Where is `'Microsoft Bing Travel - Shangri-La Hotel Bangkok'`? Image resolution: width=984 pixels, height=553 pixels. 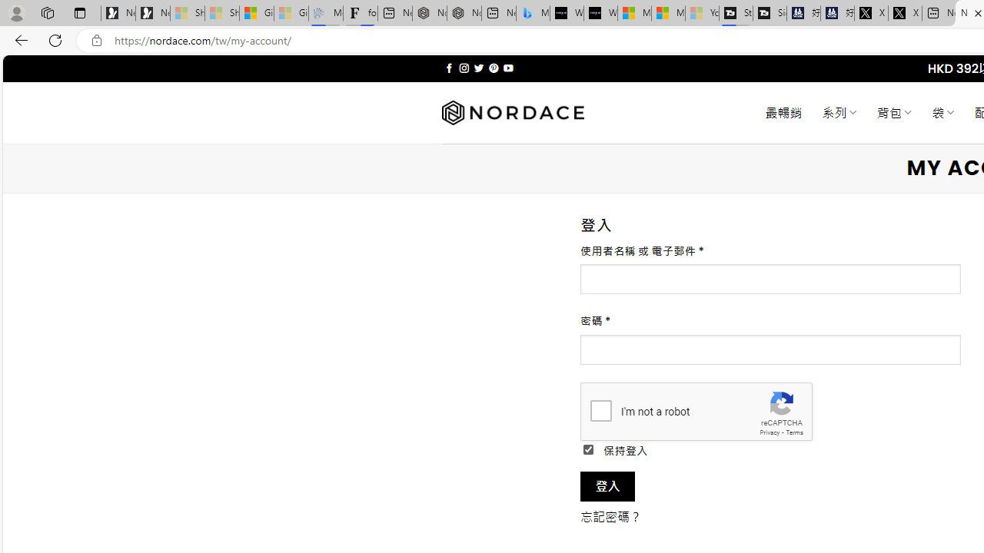
'Microsoft Bing Travel - Shangri-La Hotel Bangkok' is located at coordinates (533, 13).